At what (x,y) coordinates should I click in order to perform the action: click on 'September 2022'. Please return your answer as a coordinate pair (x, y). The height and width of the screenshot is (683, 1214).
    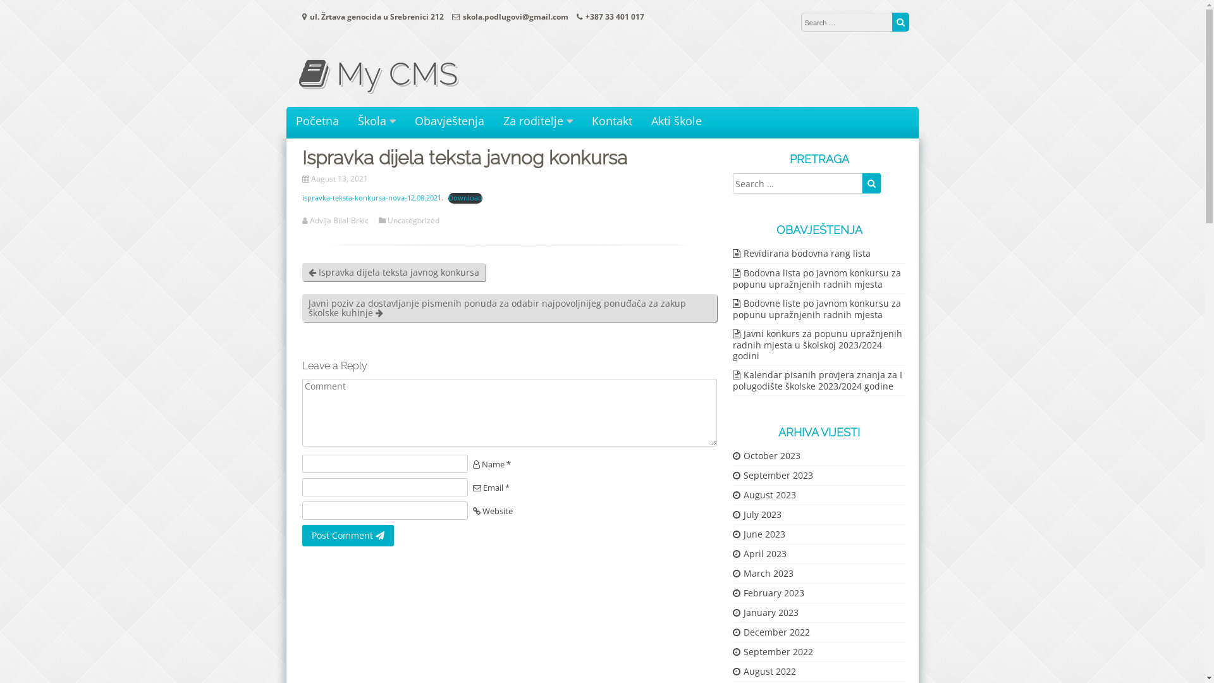
    Looking at the image, I should click on (771, 651).